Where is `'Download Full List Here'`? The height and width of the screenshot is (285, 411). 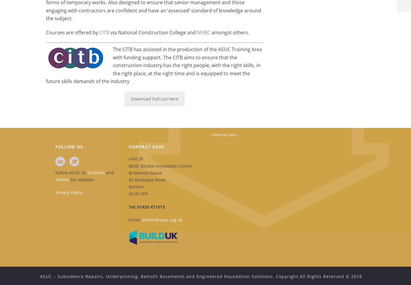 'Download Full List Here' is located at coordinates (155, 98).